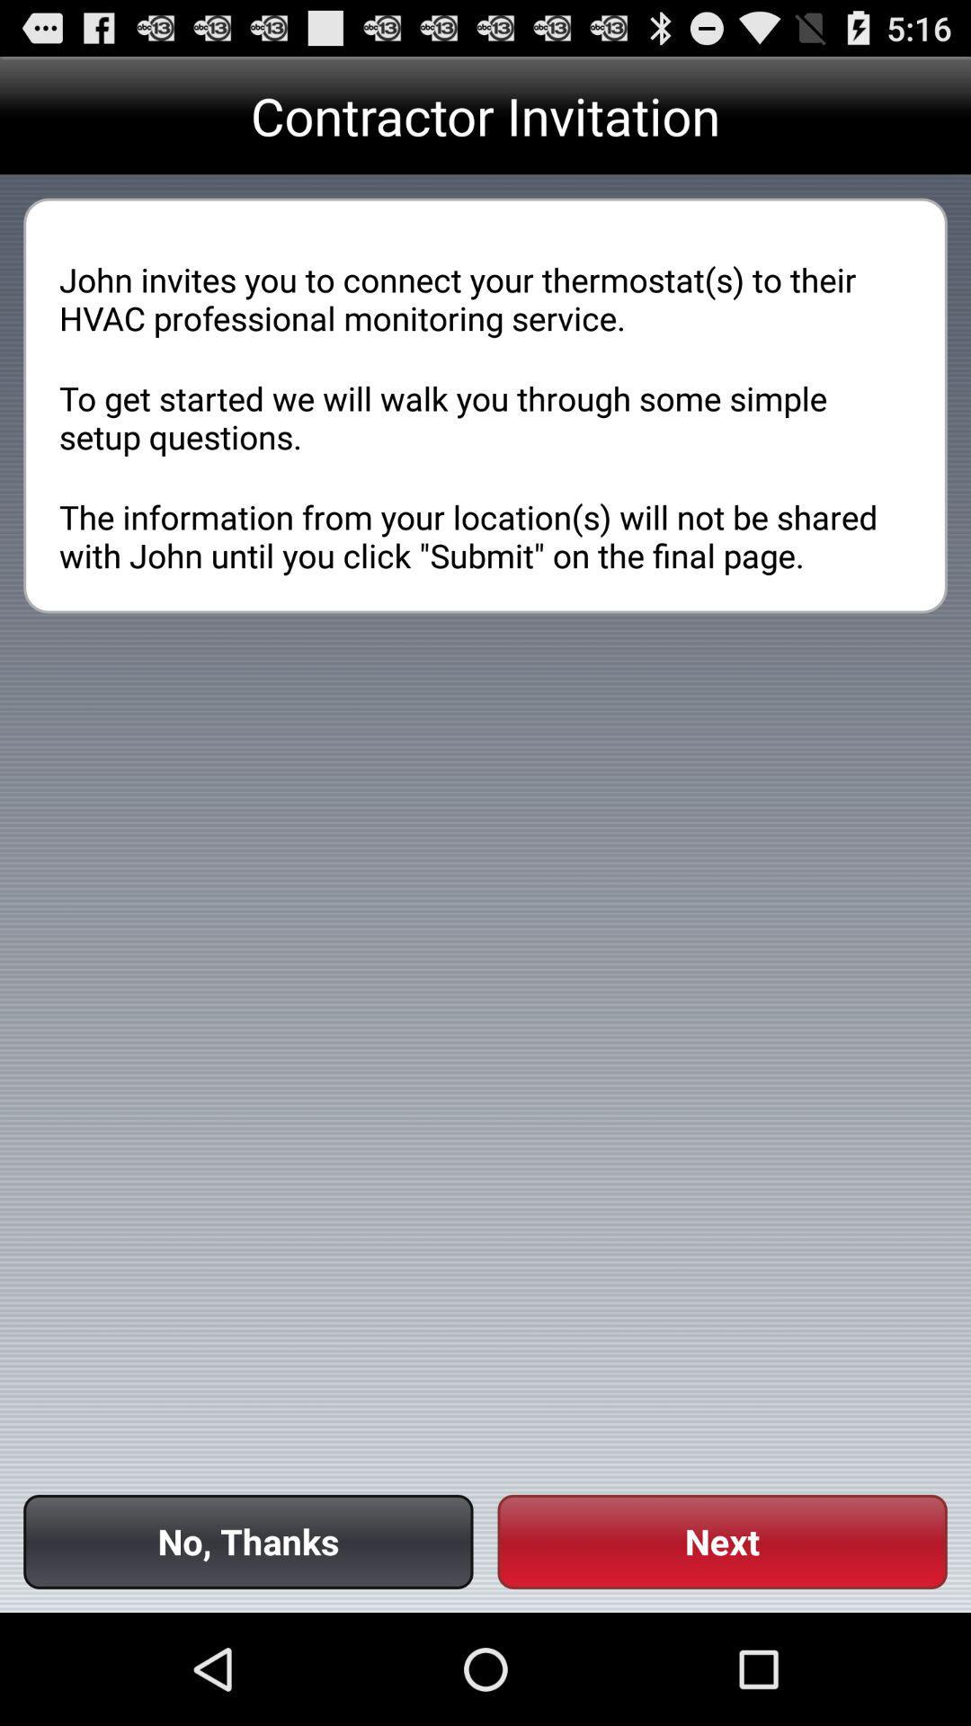  Describe the element at coordinates (721, 1541) in the screenshot. I see `the icon at the bottom right corner` at that location.